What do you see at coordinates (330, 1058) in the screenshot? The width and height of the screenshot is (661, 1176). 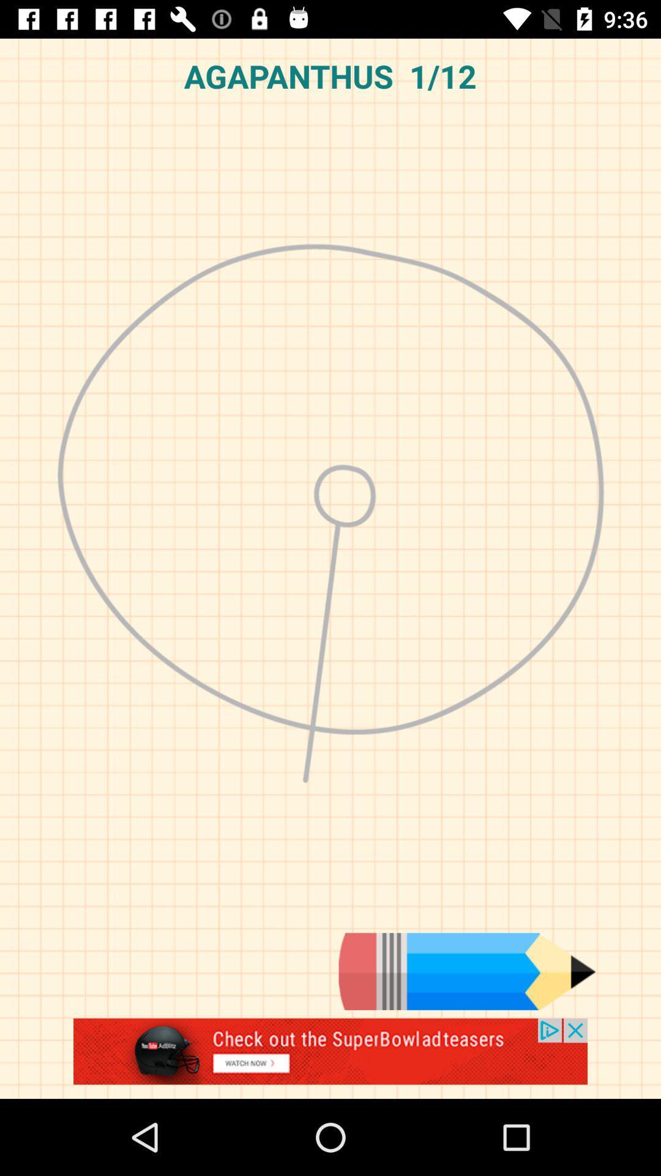 I see `advertisement` at bounding box center [330, 1058].